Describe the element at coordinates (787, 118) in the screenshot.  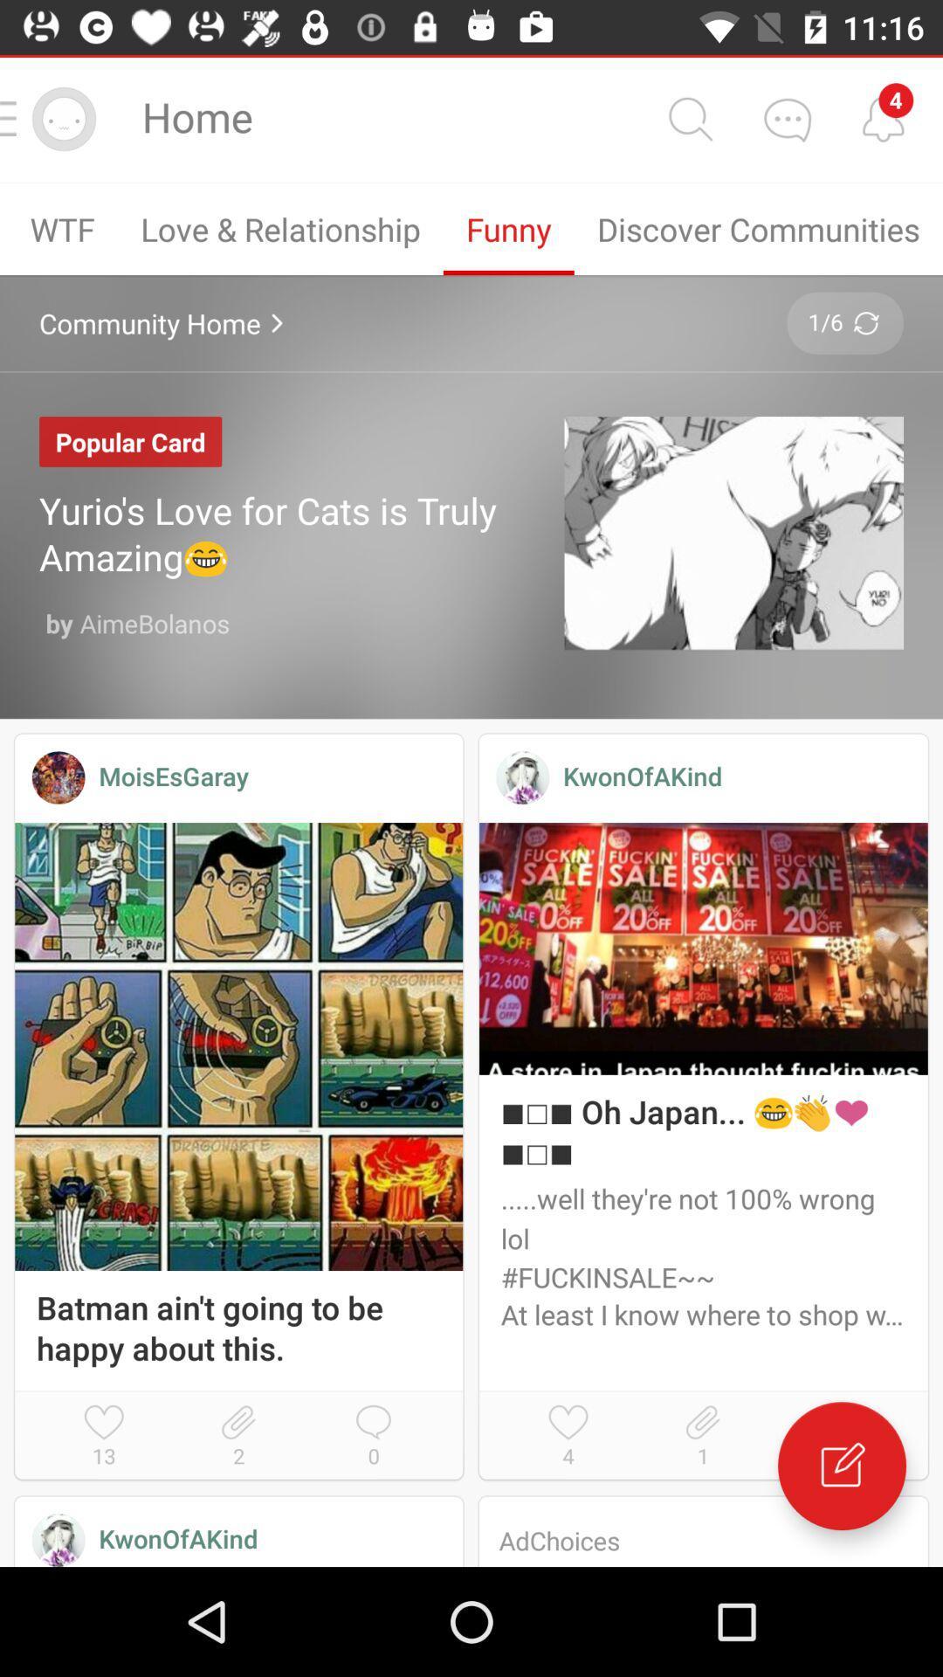
I see `the chat icon` at that location.